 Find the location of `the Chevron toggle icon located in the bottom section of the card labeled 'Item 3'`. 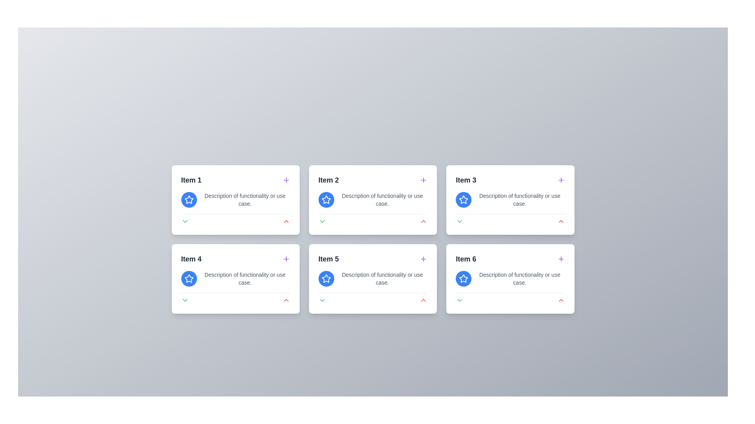

the Chevron toggle icon located in the bottom section of the card labeled 'Item 3' is located at coordinates (460, 221).